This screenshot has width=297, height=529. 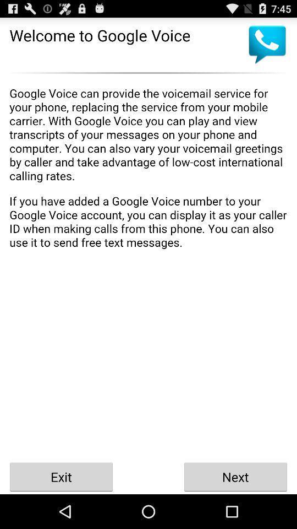 I want to click on item at the bottom left corner, so click(x=61, y=476).